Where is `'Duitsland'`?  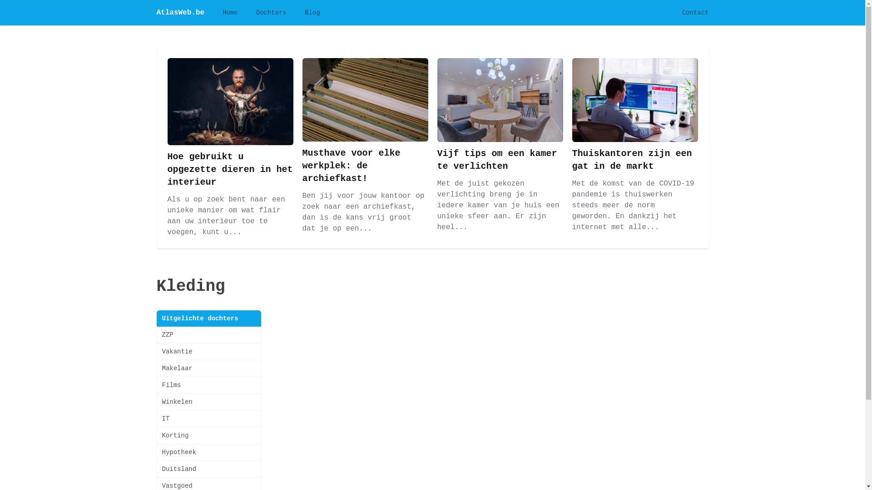
'Duitsland' is located at coordinates (208, 469).